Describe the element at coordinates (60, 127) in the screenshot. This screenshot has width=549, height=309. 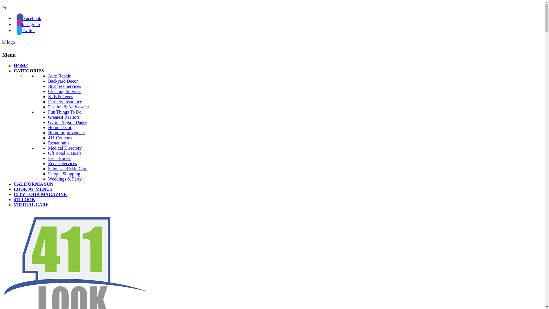
I see `'Home Decor'` at that location.